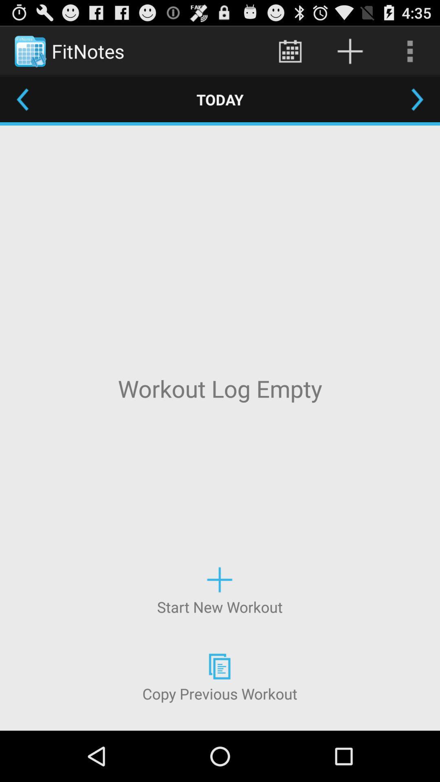 The width and height of the screenshot is (440, 782). What do you see at coordinates (219, 677) in the screenshot?
I see `the copy previous workout app` at bounding box center [219, 677].